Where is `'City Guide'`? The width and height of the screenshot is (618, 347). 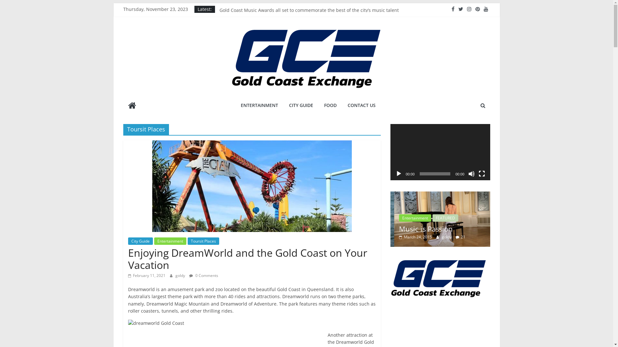 'City Guide' is located at coordinates (128, 241).